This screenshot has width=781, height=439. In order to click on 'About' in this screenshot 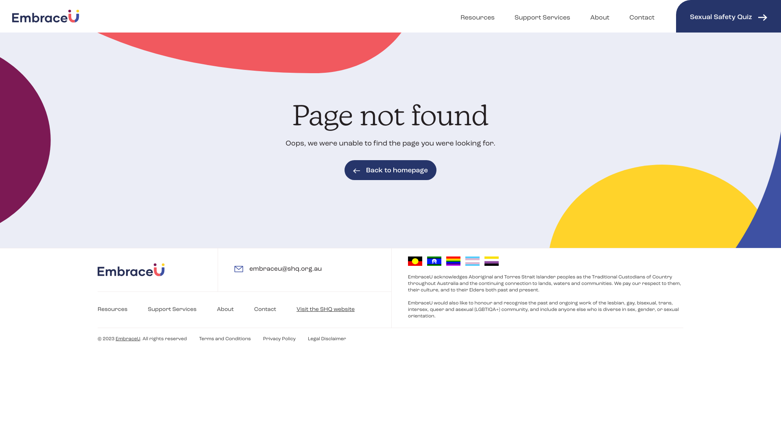, I will do `click(600, 16)`.